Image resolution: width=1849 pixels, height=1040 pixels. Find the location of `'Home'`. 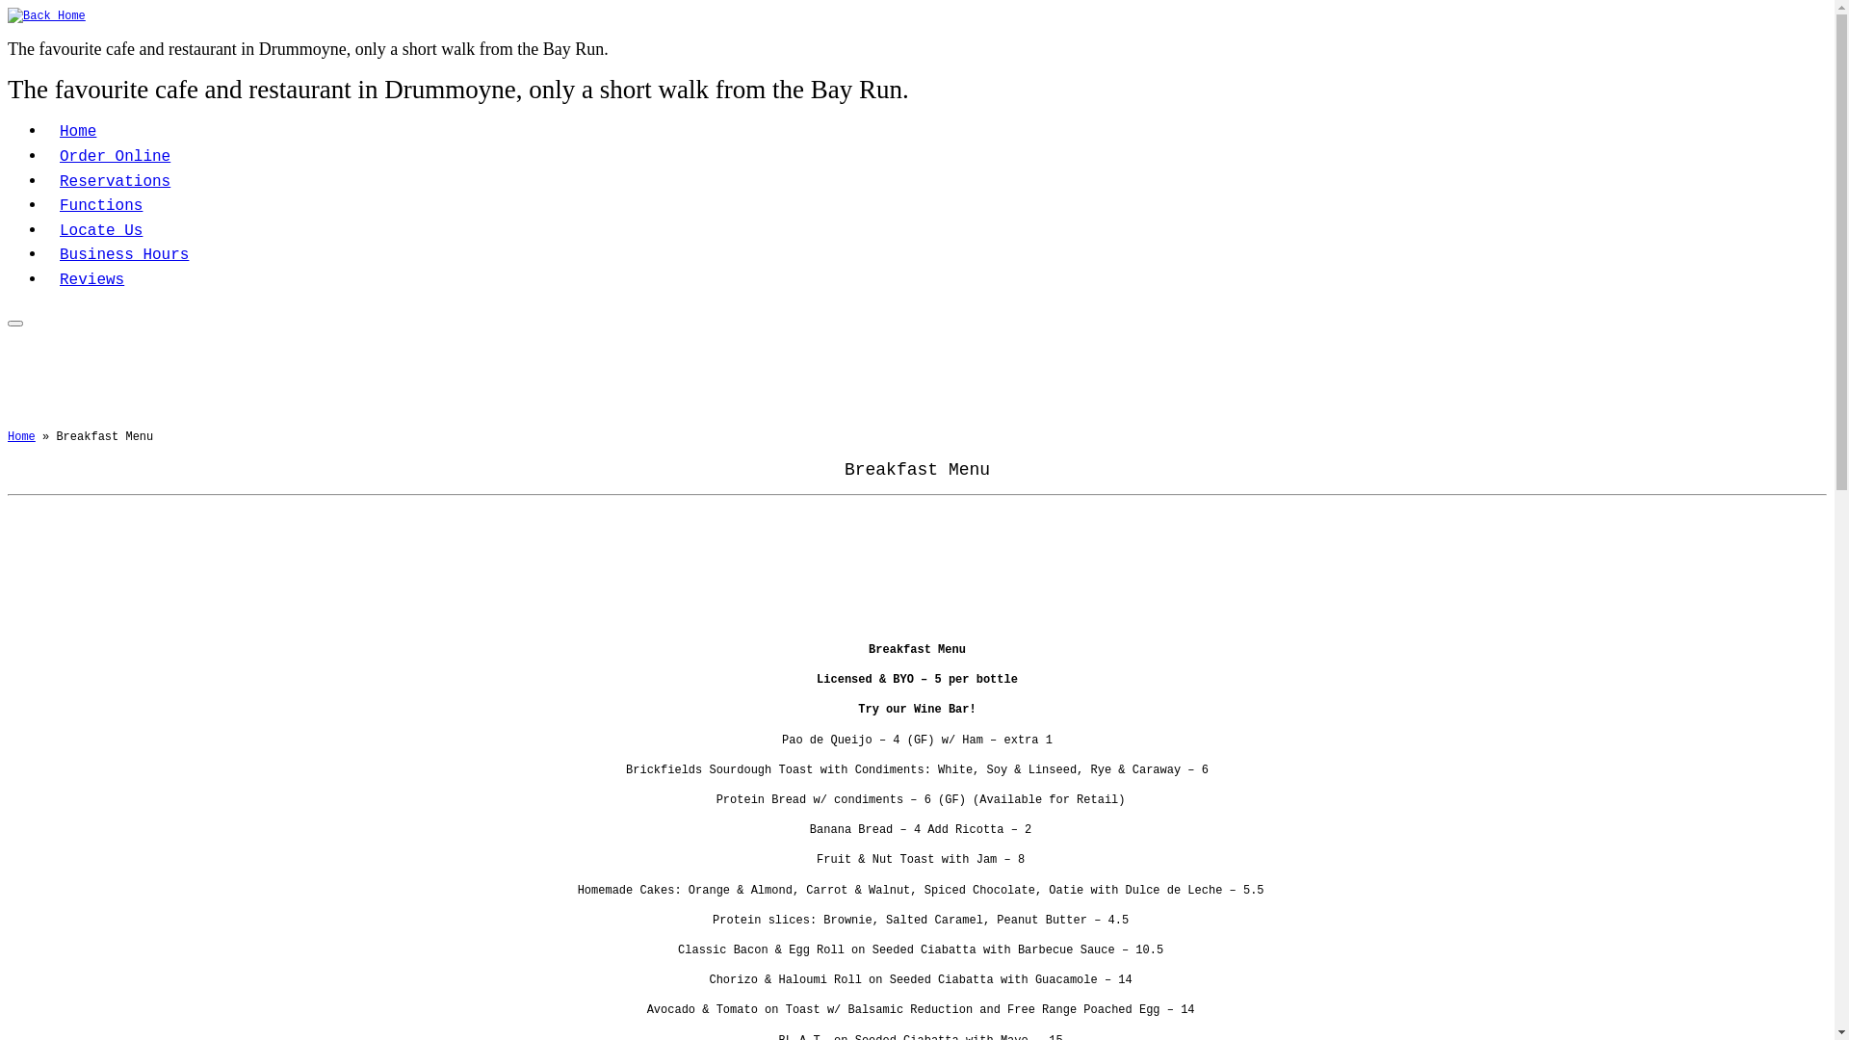

'Home' is located at coordinates (77, 131).